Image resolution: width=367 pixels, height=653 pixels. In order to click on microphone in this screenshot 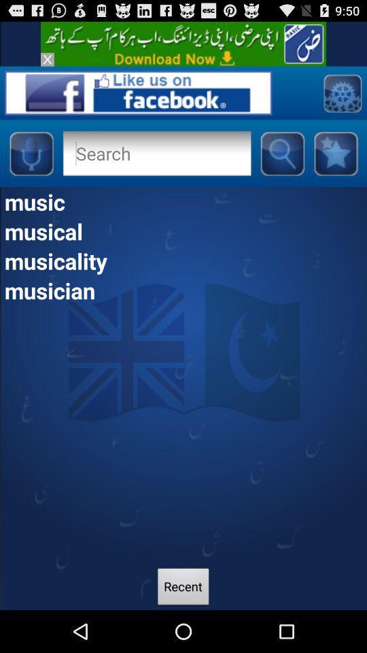, I will do `click(31, 153)`.